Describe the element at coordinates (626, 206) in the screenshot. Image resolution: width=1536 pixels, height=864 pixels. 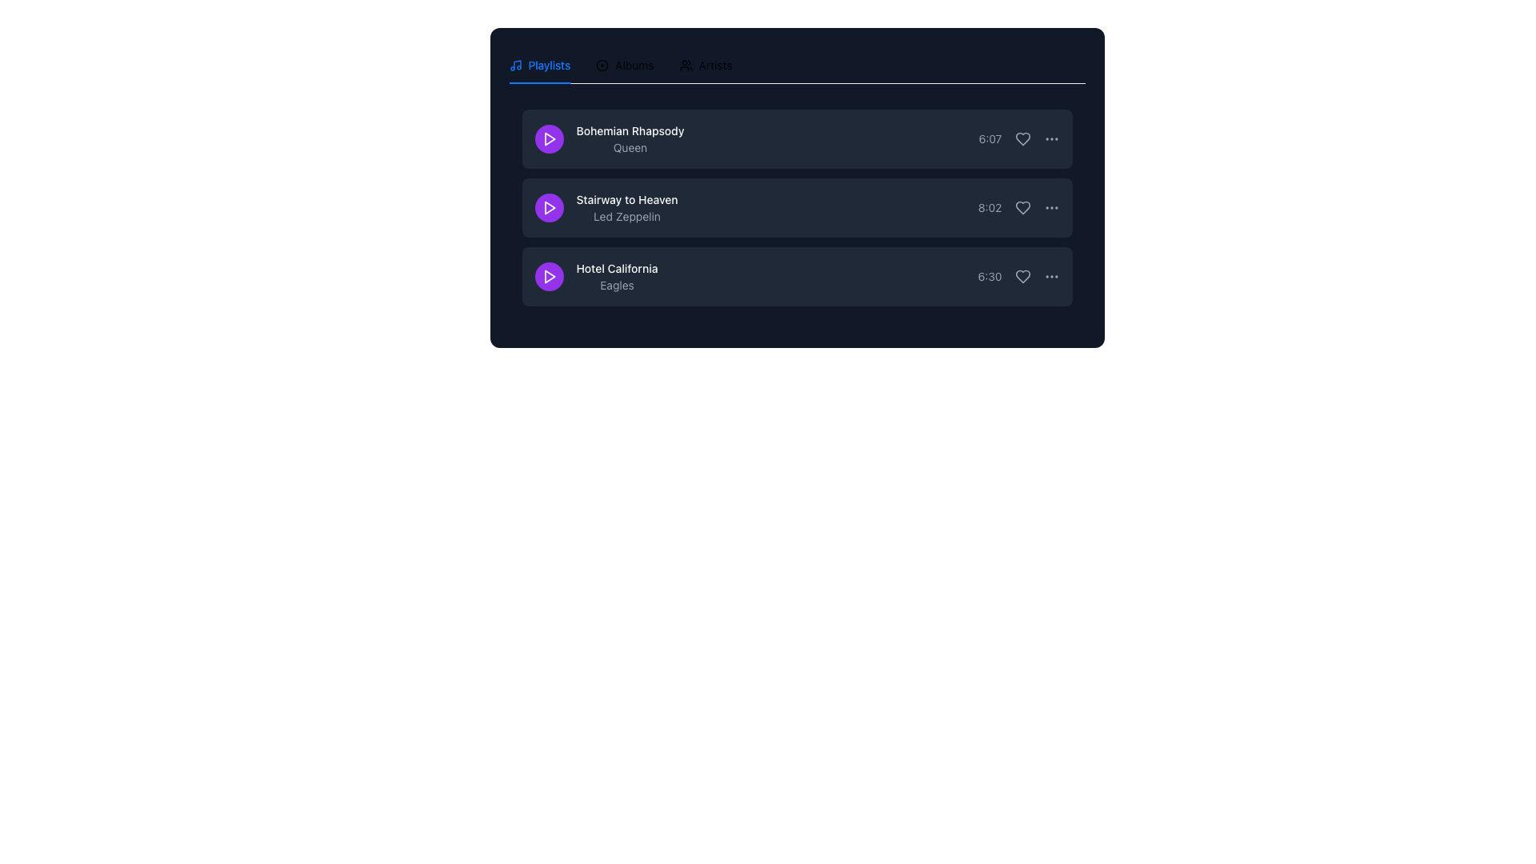
I see `the text block that displays the title and artist of a song entry in the playlist, located in the second row of the interface, centrally positioned to the right of the play button` at that location.